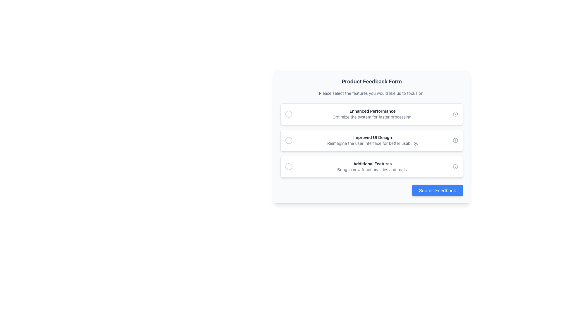 Image resolution: width=562 pixels, height=316 pixels. Describe the element at coordinates (372, 169) in the screenshot. I see `secondary text label that displays 'Bring in new functionalities and tools.' located below the 'Additional Features' heading for additional attributes` at that location.